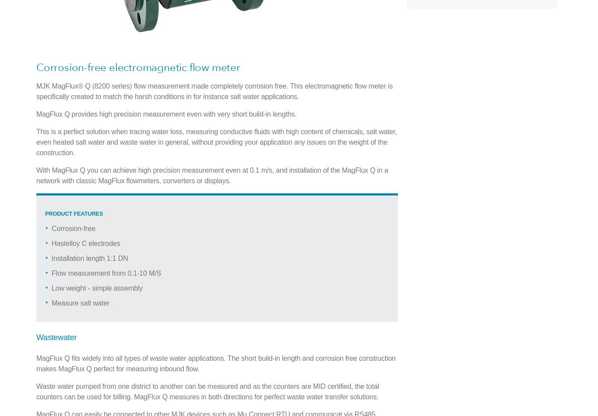 Image resolution: width=598 pixels, height=416 pixels. What do you see at coordinates (376, 148) in the screenshot?
I see `'Investors'` at bounding box center [376, 148].